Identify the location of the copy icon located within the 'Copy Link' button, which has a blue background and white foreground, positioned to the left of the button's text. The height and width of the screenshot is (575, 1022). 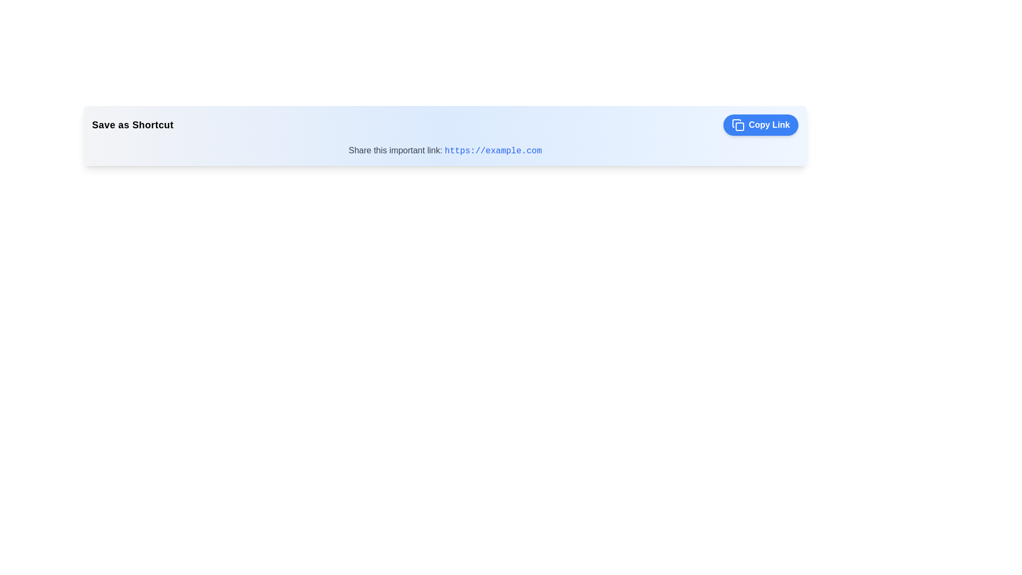
(737, 125).